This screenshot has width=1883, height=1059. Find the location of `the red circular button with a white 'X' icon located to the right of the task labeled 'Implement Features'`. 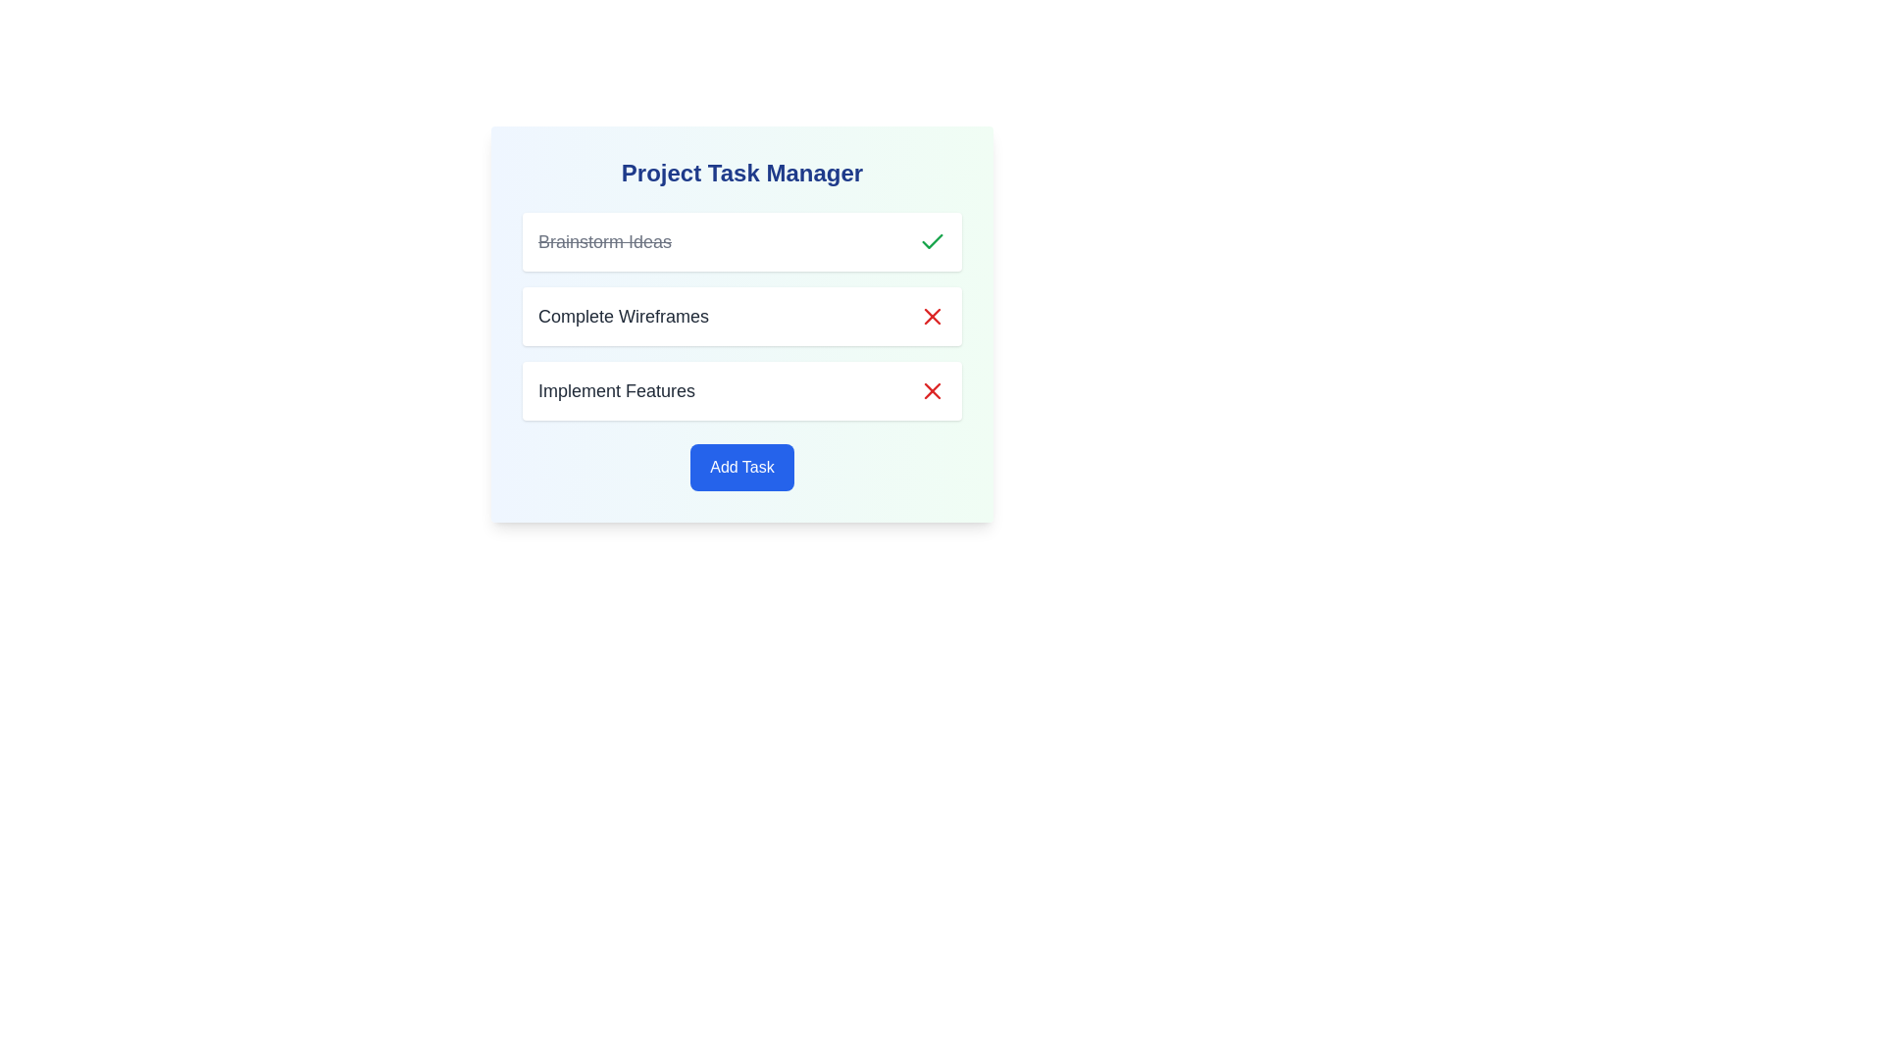

the red circular button with a white 'X' icon located to the right of the task labeled 'Implement Features' is located at coordinates (931, 390).